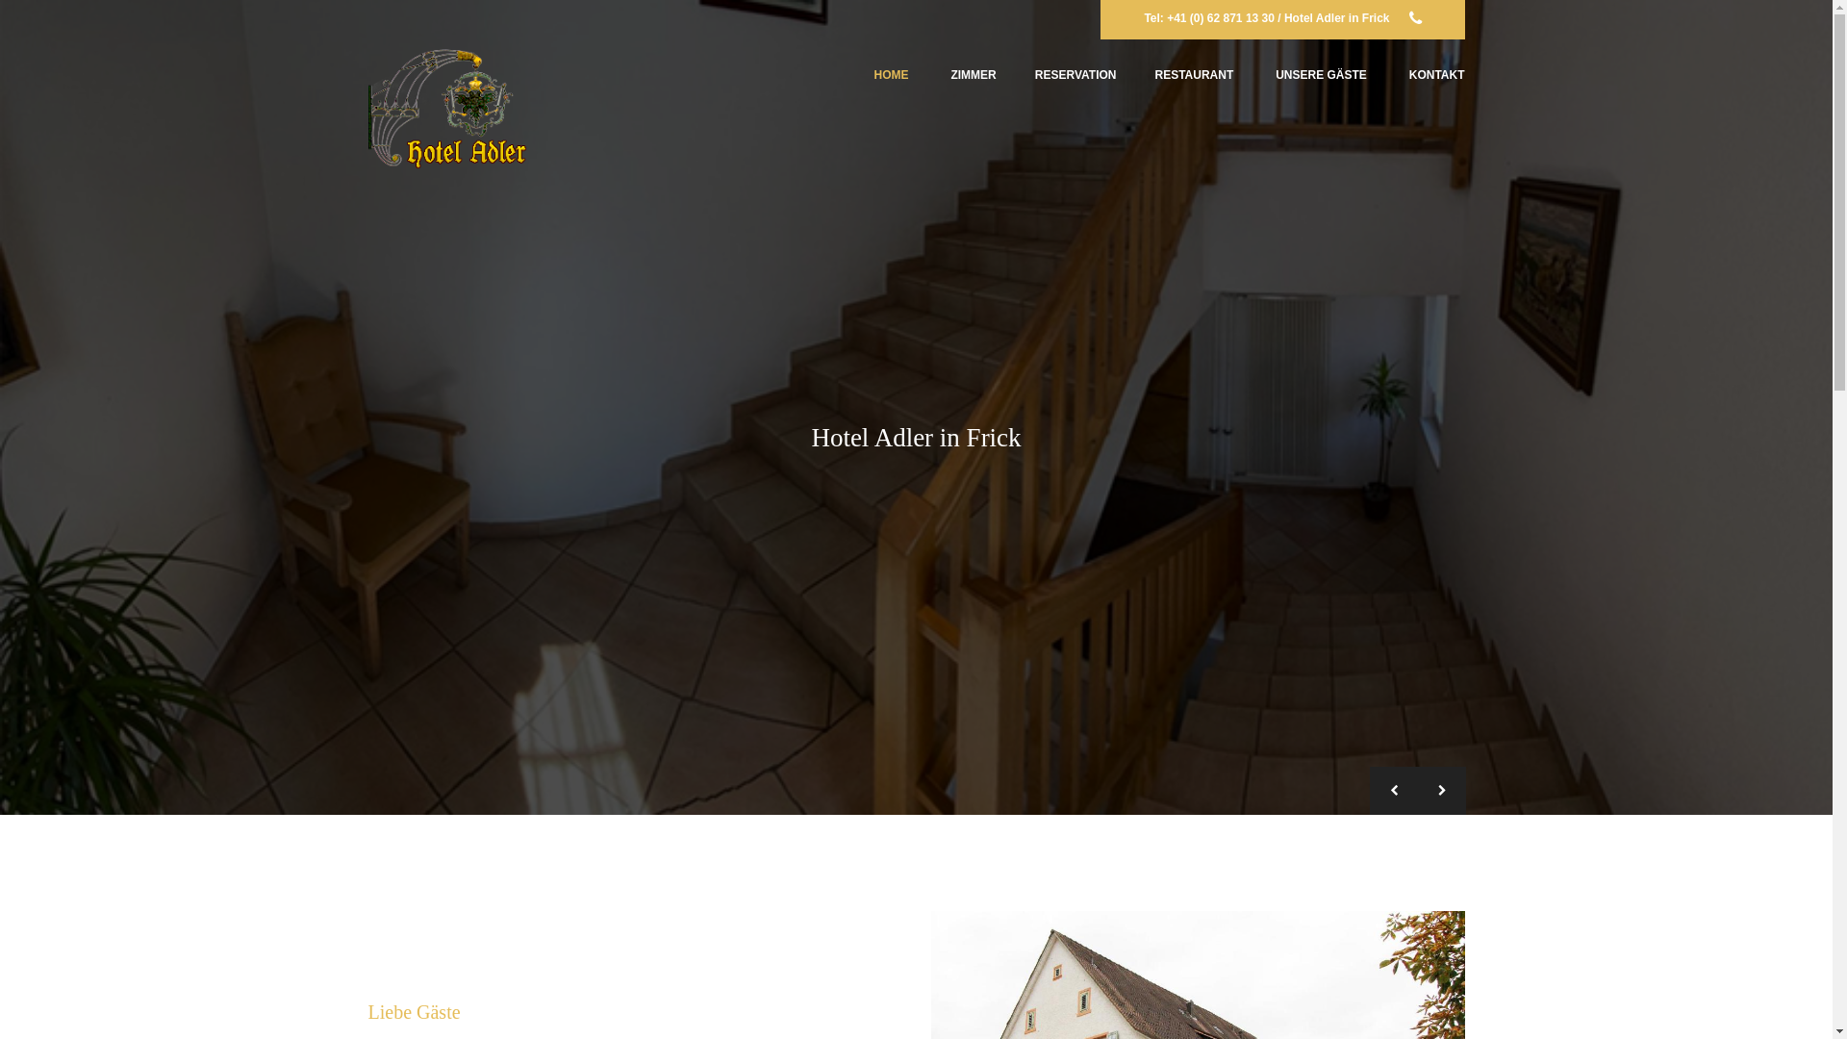 This screenshot has height=1039, width=1847. What do you see at coordinates (890, 74) in the screenshot?
I see `'HOME'` at bounding box center [890, 74].